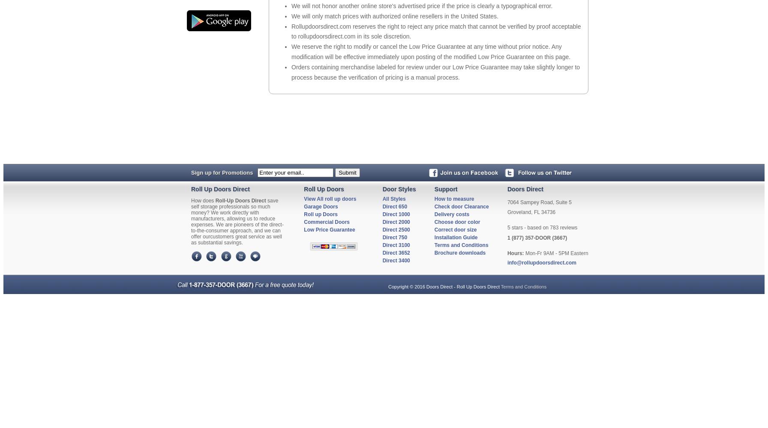  Describe the element at coordinates (556, 253) in the screenshot. I see `'Mon-Fr 9AM - 5PM Eastern'` at that location.